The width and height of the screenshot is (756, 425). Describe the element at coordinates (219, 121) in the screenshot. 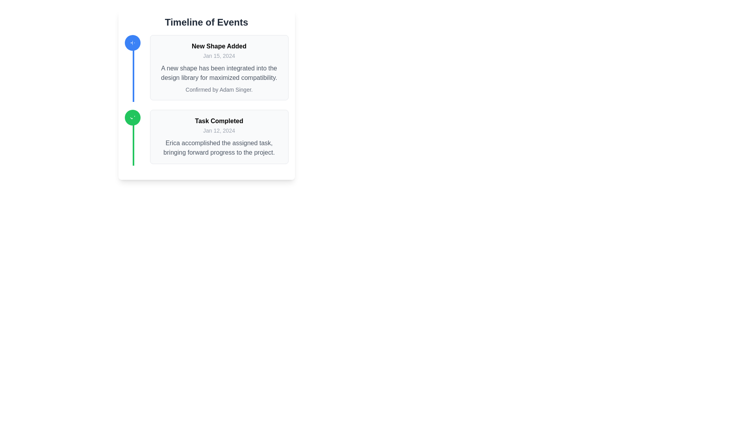

I see `the Text Label that serves as a header indicating a specific milestone or update within the timeline widget` at that location.